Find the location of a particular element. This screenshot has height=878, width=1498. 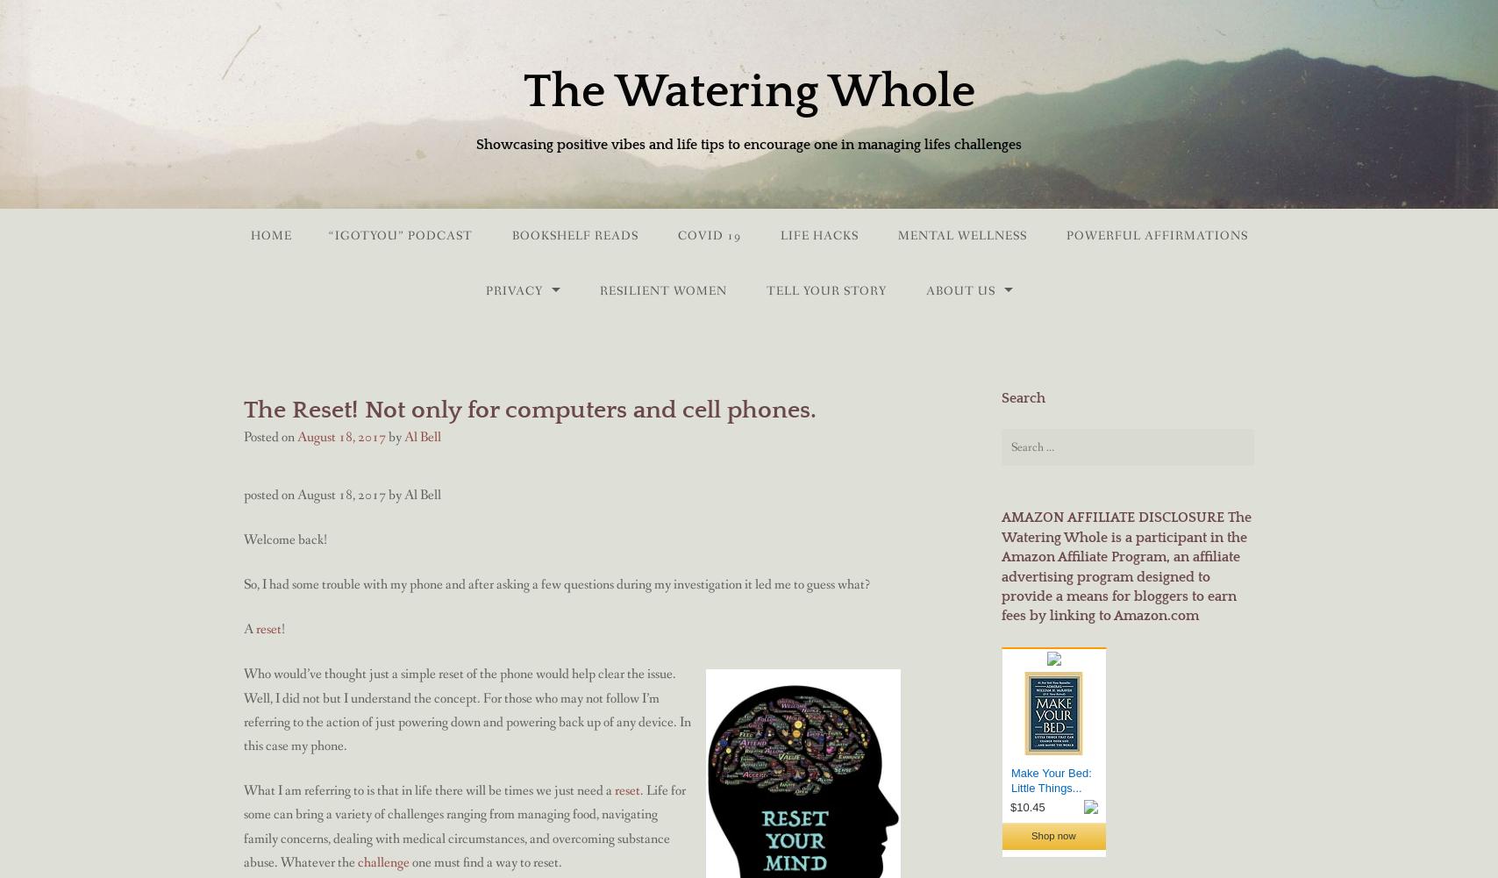

'BookShelf Reads' is located at coordinates (510, 234).